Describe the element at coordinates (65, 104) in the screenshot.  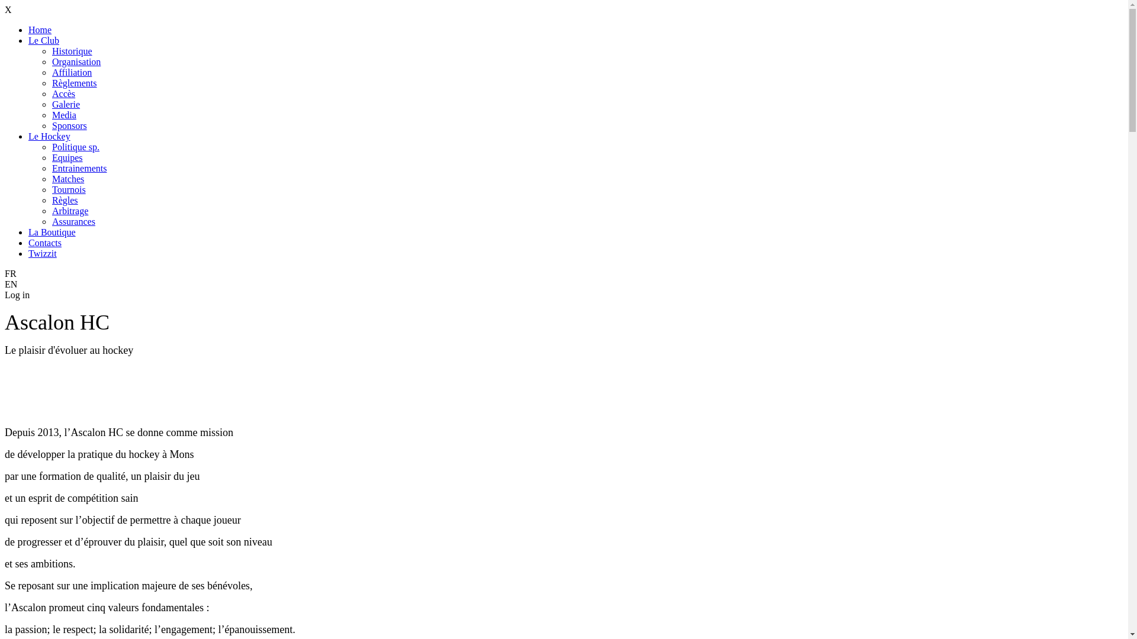
I see `'Galerie'` at that location.